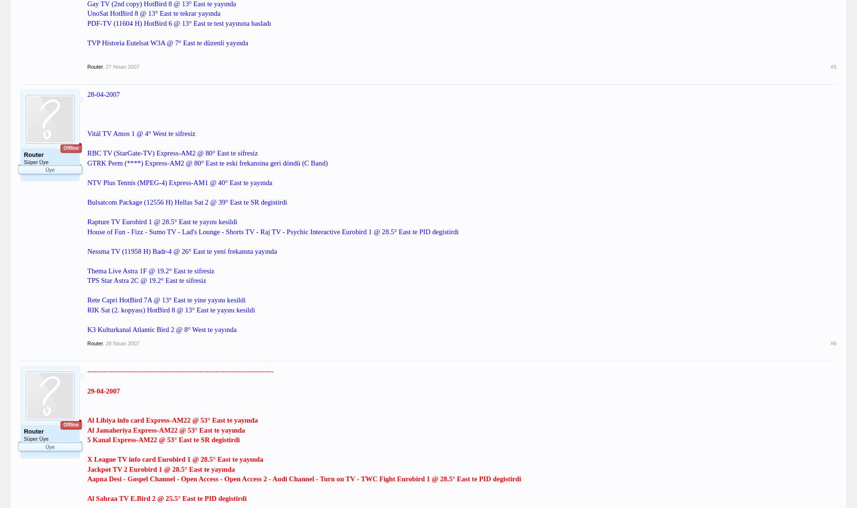 This screenshot has height=508, width=857. I want to click on 'X League TV info card Eurobird 1 @ 28.5° East te yayında', so click(175, 459).